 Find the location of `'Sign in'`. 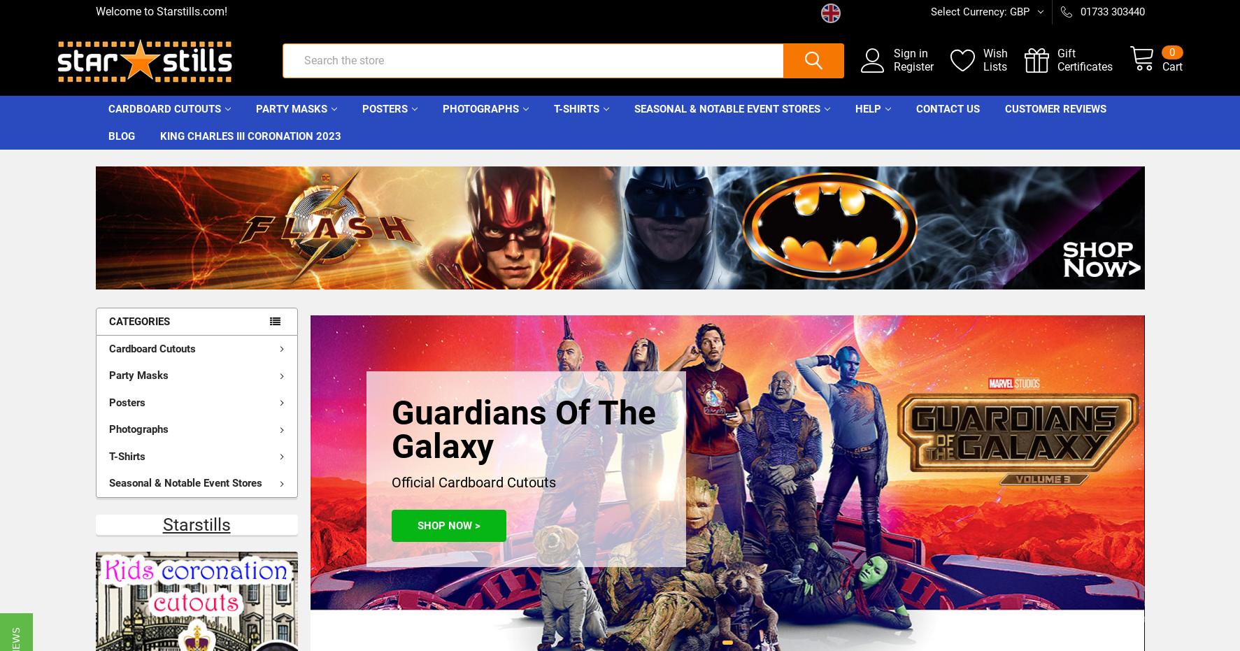

'Sign in' is located at coordinates (871, 61).